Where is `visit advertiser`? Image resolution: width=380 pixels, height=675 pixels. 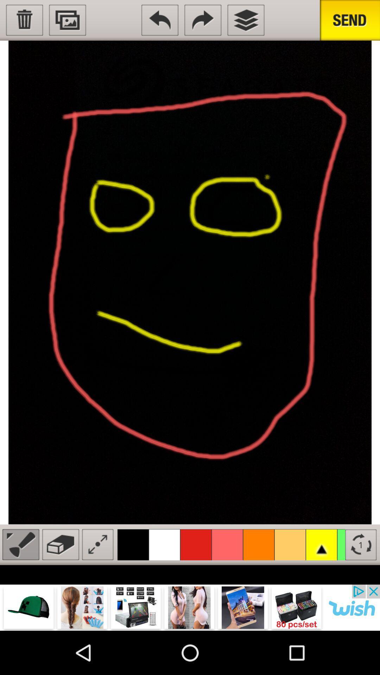 visit advertiser is located at coordinates (190, 607).